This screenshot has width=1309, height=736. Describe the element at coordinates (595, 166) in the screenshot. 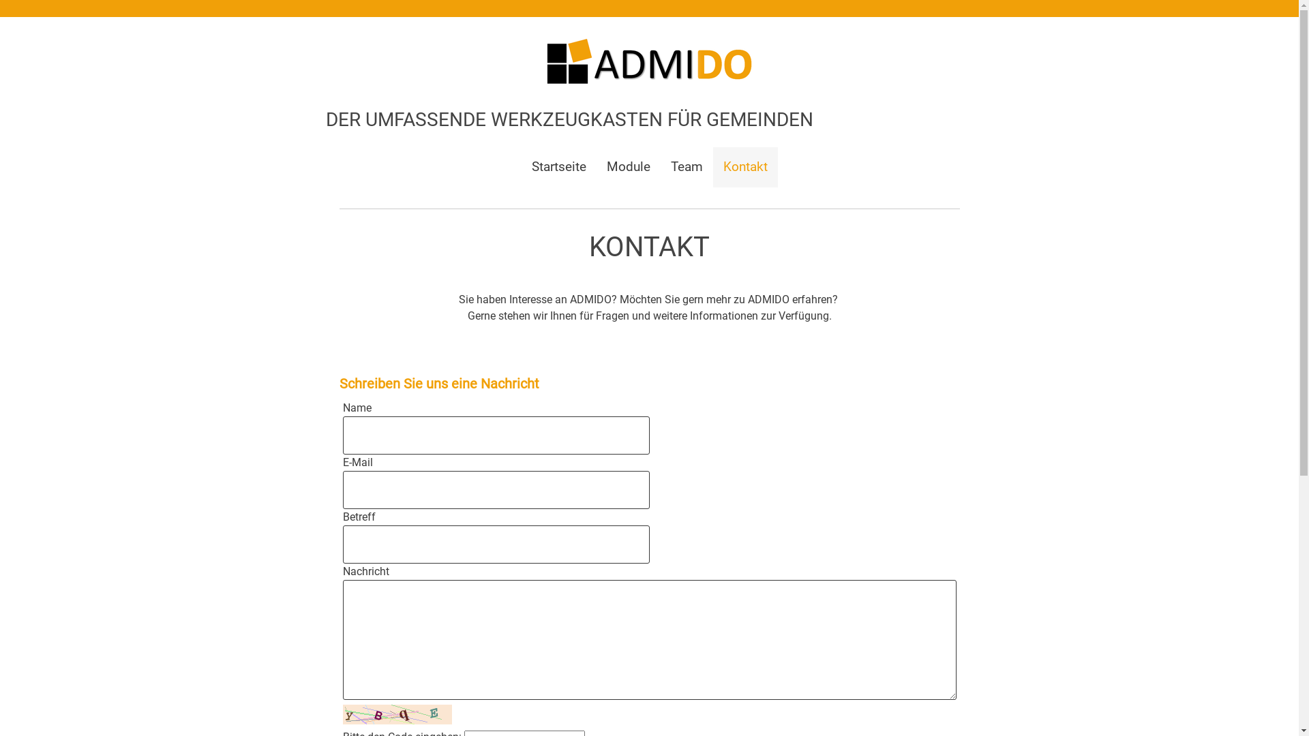

I see `'Module'` at that location.